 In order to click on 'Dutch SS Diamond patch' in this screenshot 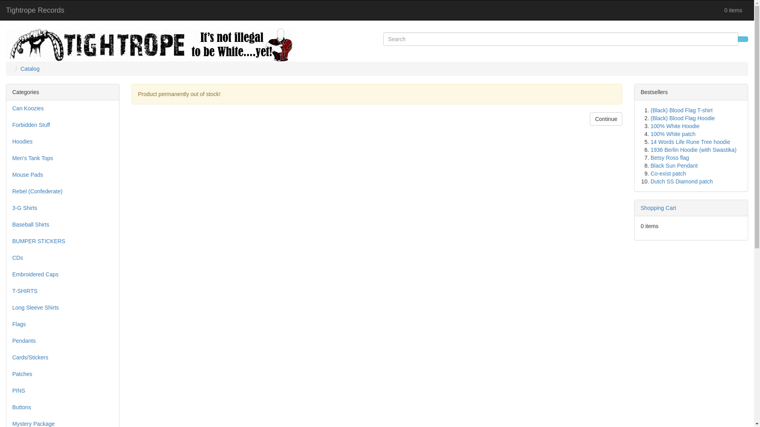, I will do `click(681, 181)`.